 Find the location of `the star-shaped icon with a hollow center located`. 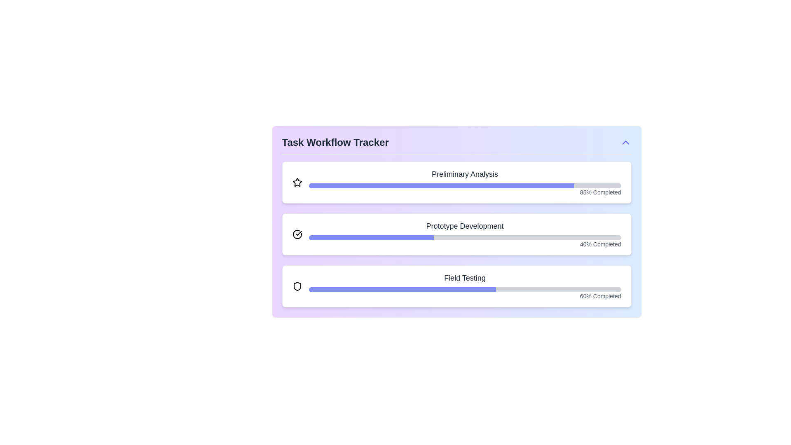

the star-shaped icon with a hollow center located is located at coordinates (297, 182).